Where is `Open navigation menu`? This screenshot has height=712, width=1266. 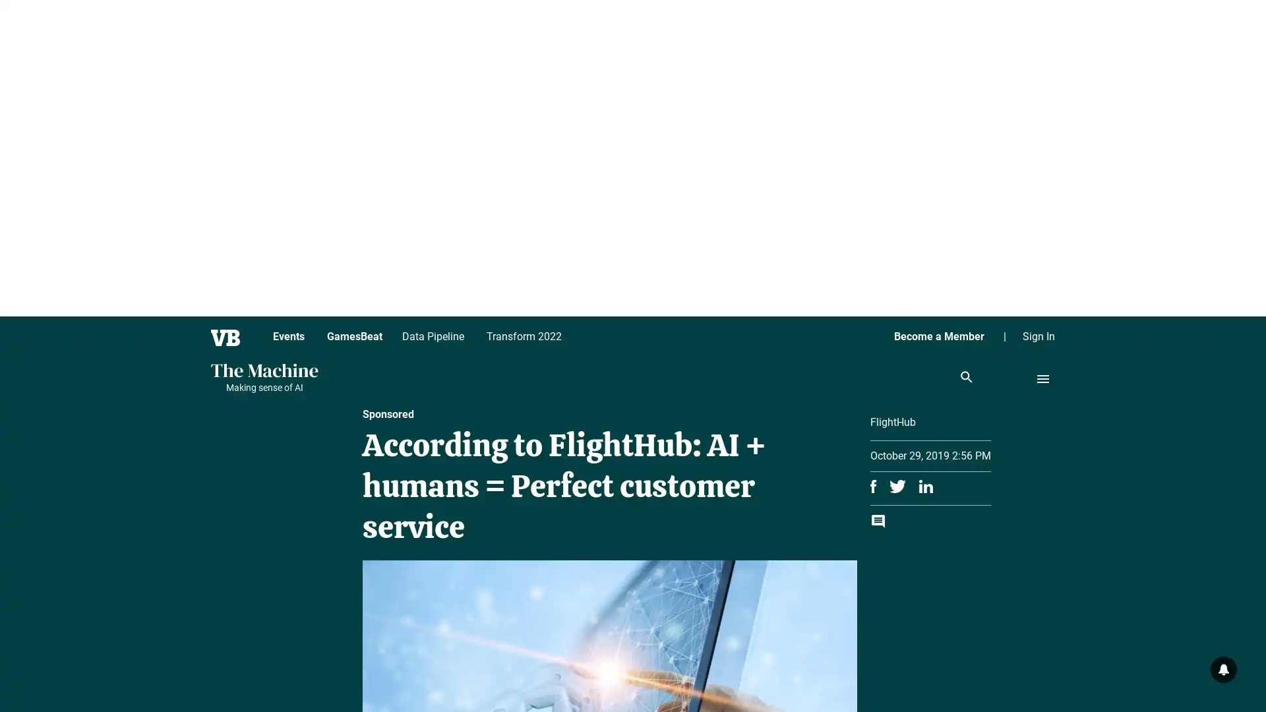
Open navigation menu is located at coordinates (1042, 378).